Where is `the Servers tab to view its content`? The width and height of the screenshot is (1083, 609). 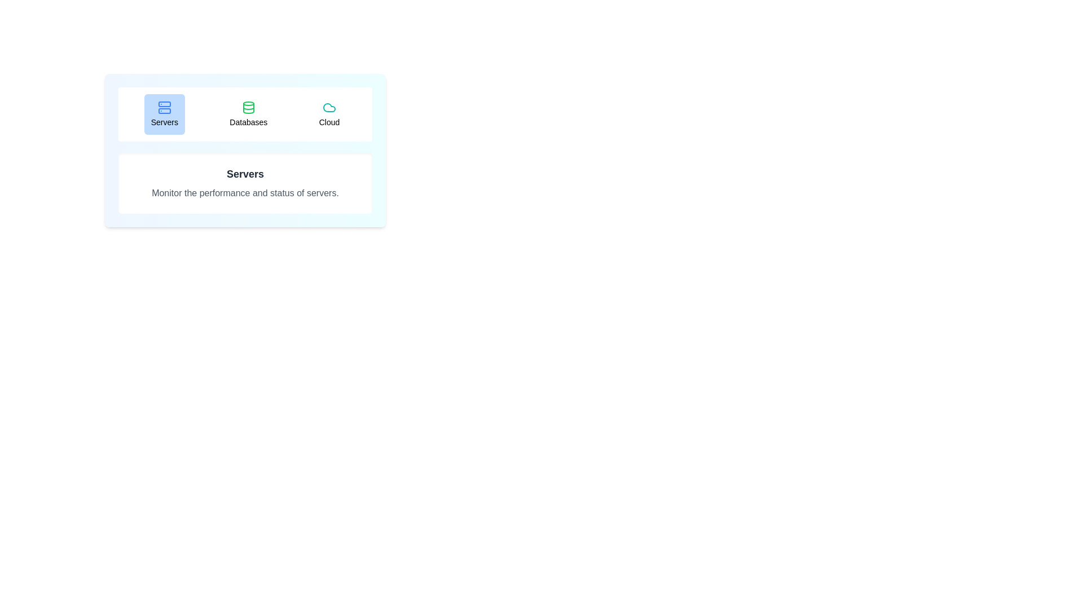 the Servers tab to view its content is located at coordinates (164, 114).